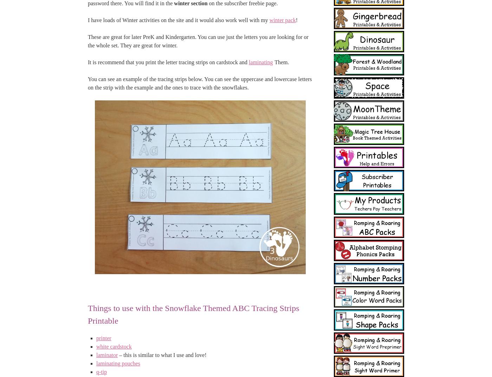 This screenshot has height=377, width=492. What do you see at coordinates (96, 355) in the screenshot?
I see `'laminator'` at bounding box center [96, 355].